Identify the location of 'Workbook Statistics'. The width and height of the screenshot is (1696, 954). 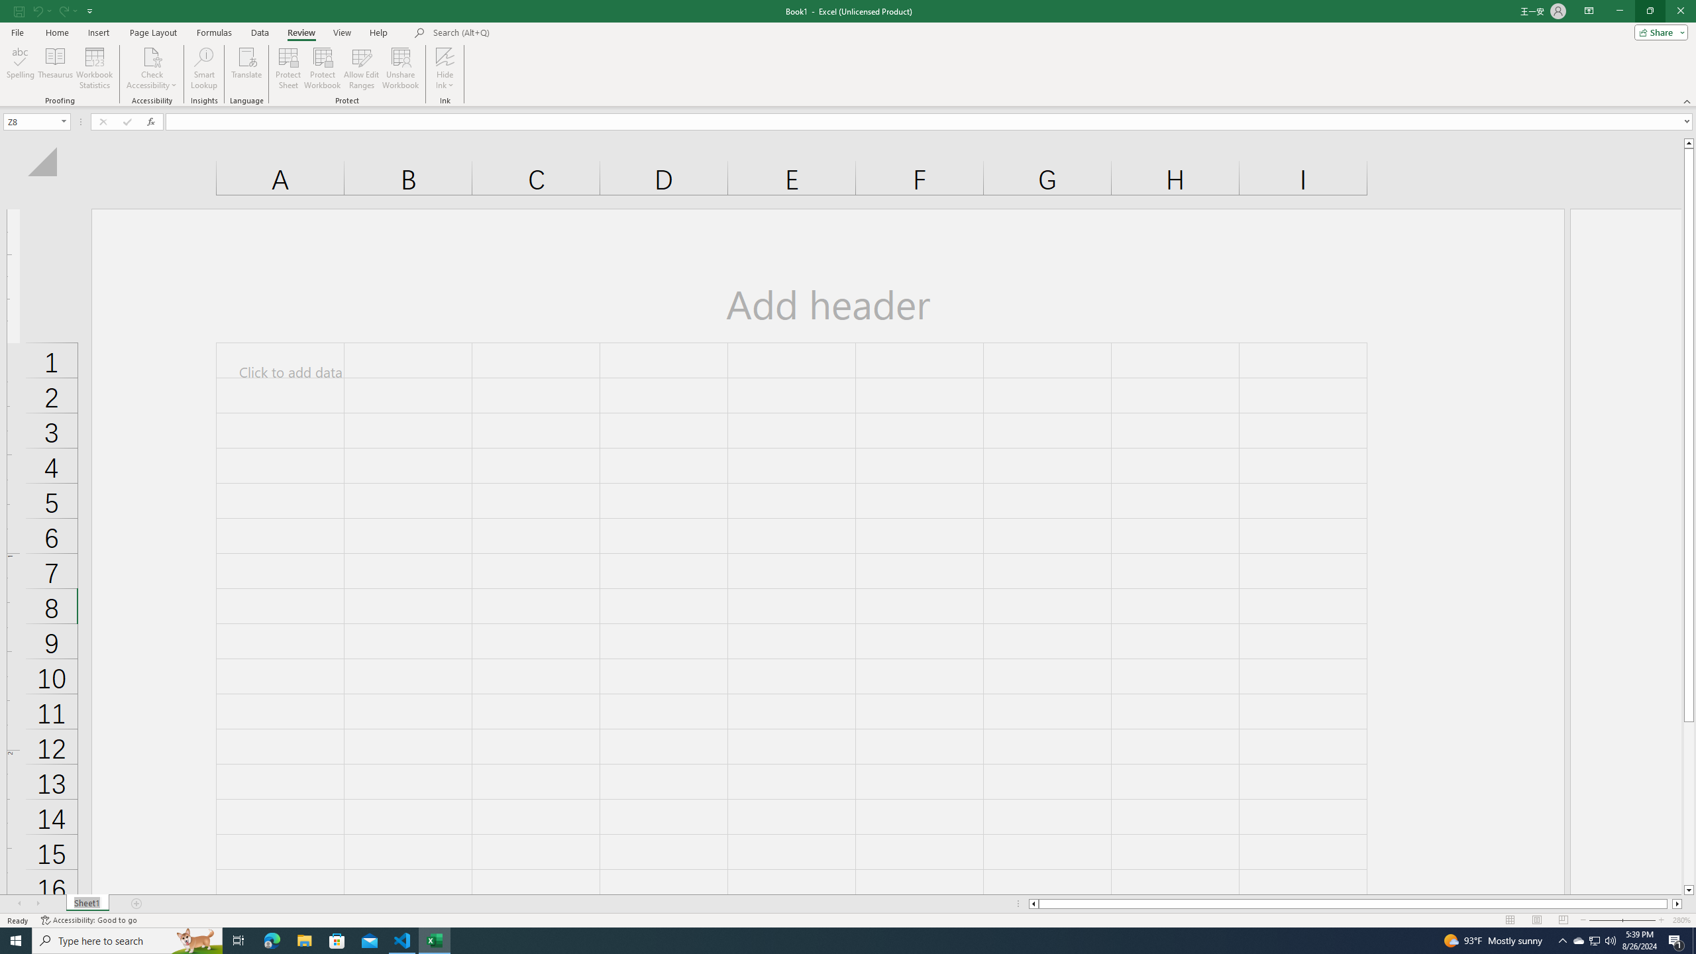
(94, 68).